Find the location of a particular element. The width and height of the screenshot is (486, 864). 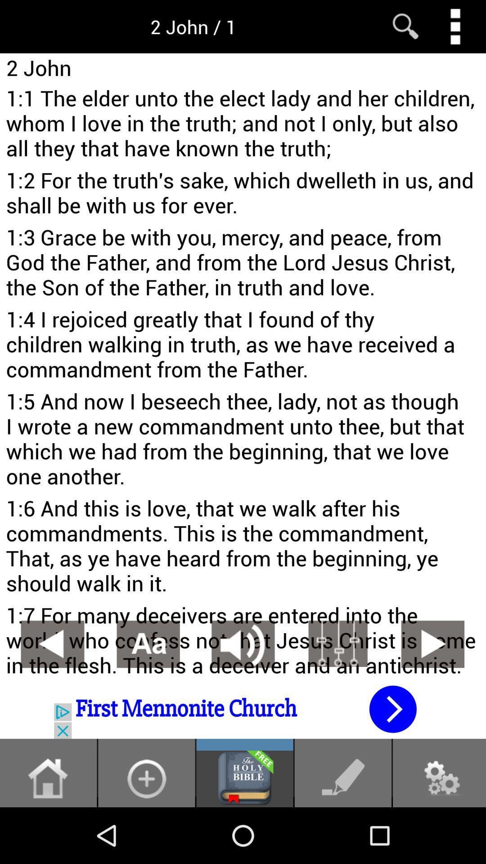

the search icon is located at coordinates (405, 28).